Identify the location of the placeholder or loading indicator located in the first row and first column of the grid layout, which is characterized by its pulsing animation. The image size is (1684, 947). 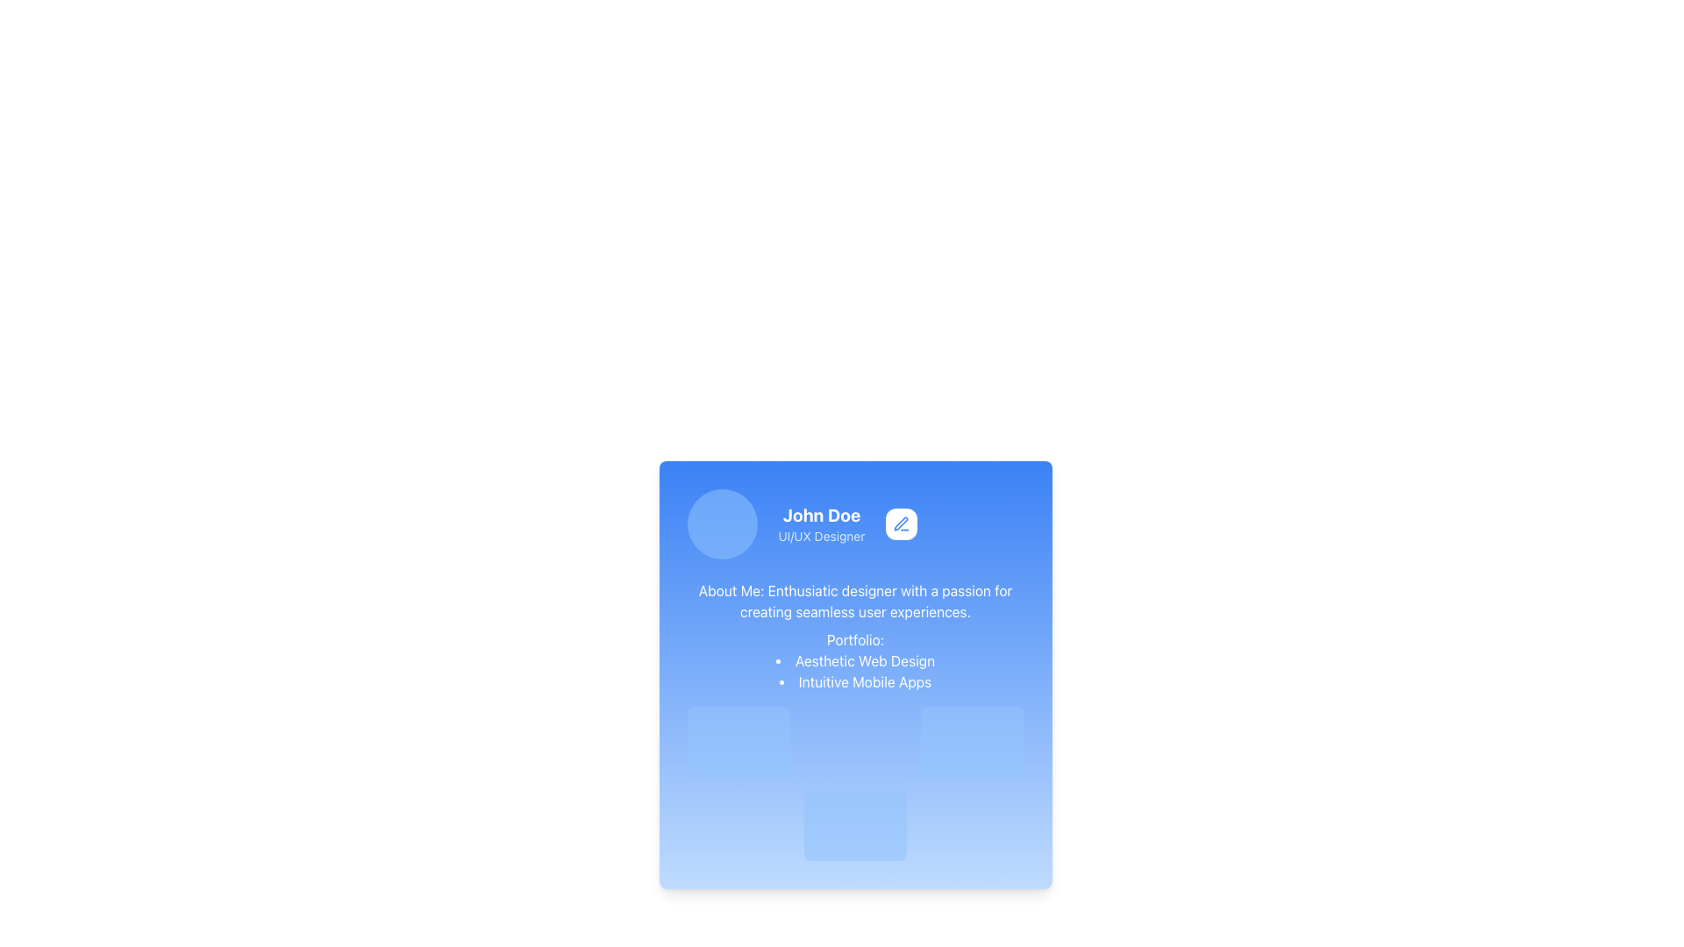
(739, 741).